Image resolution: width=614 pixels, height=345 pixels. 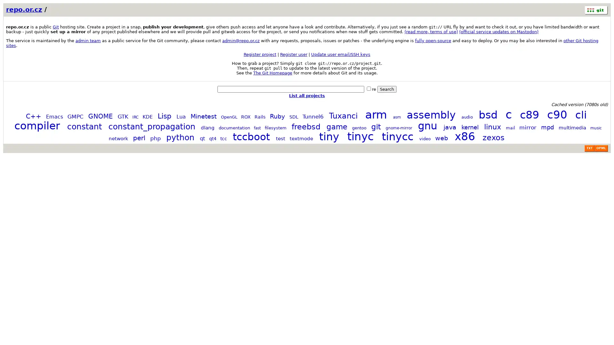 I want to click on Search, so click(x=386, y=89).